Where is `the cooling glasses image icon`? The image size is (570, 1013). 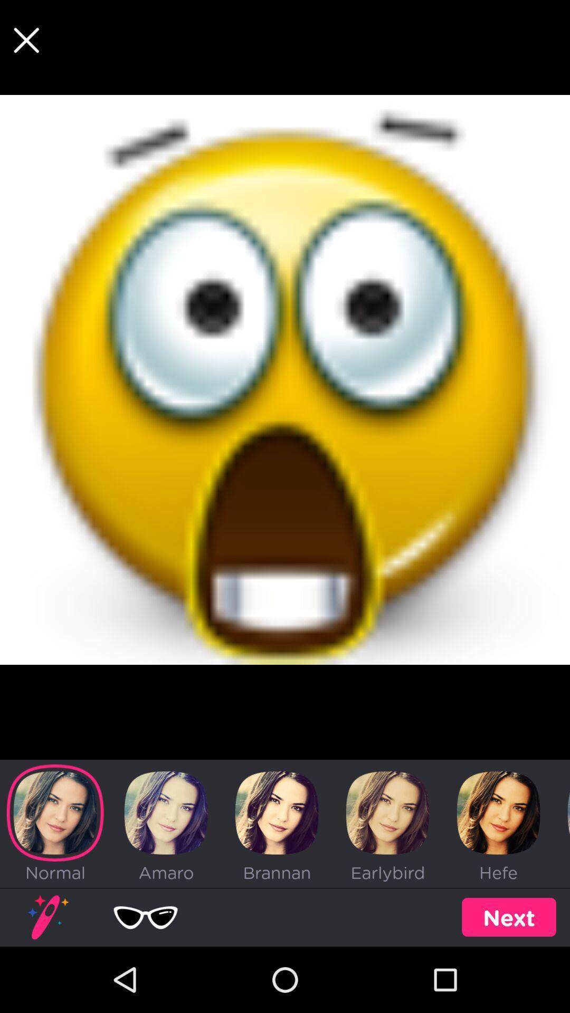 the cooling glasses image icon is located at coordinates (146, 916).